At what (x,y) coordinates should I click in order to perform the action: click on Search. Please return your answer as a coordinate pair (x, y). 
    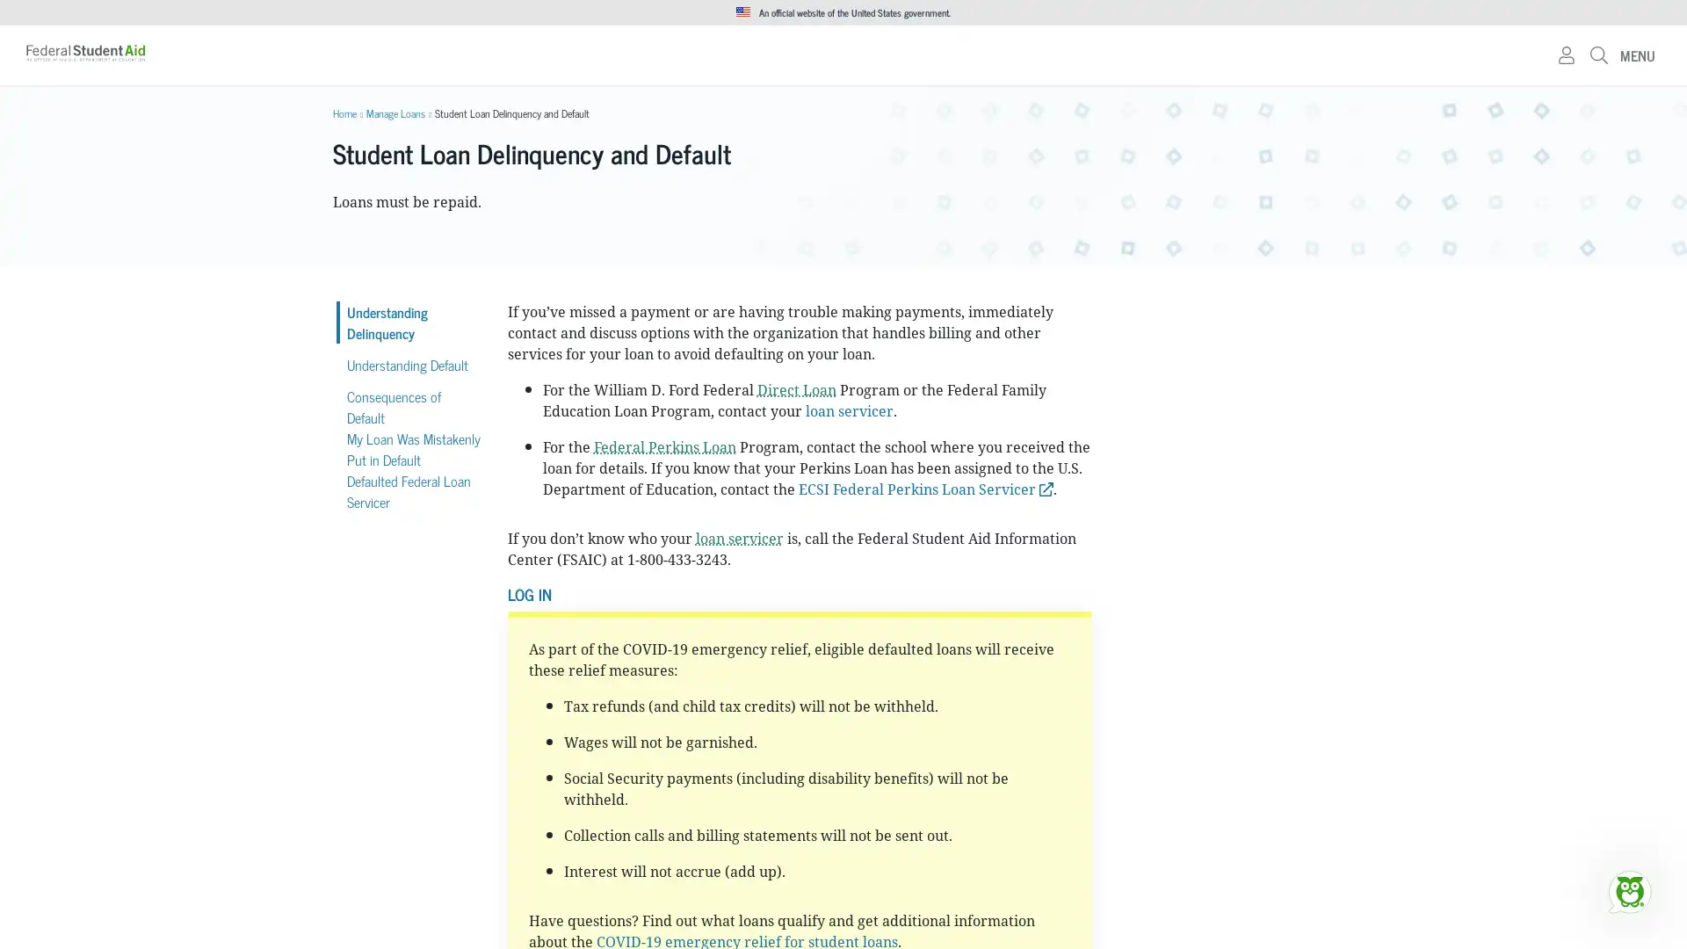
    Looking at the image, I should click on (1104, 61).